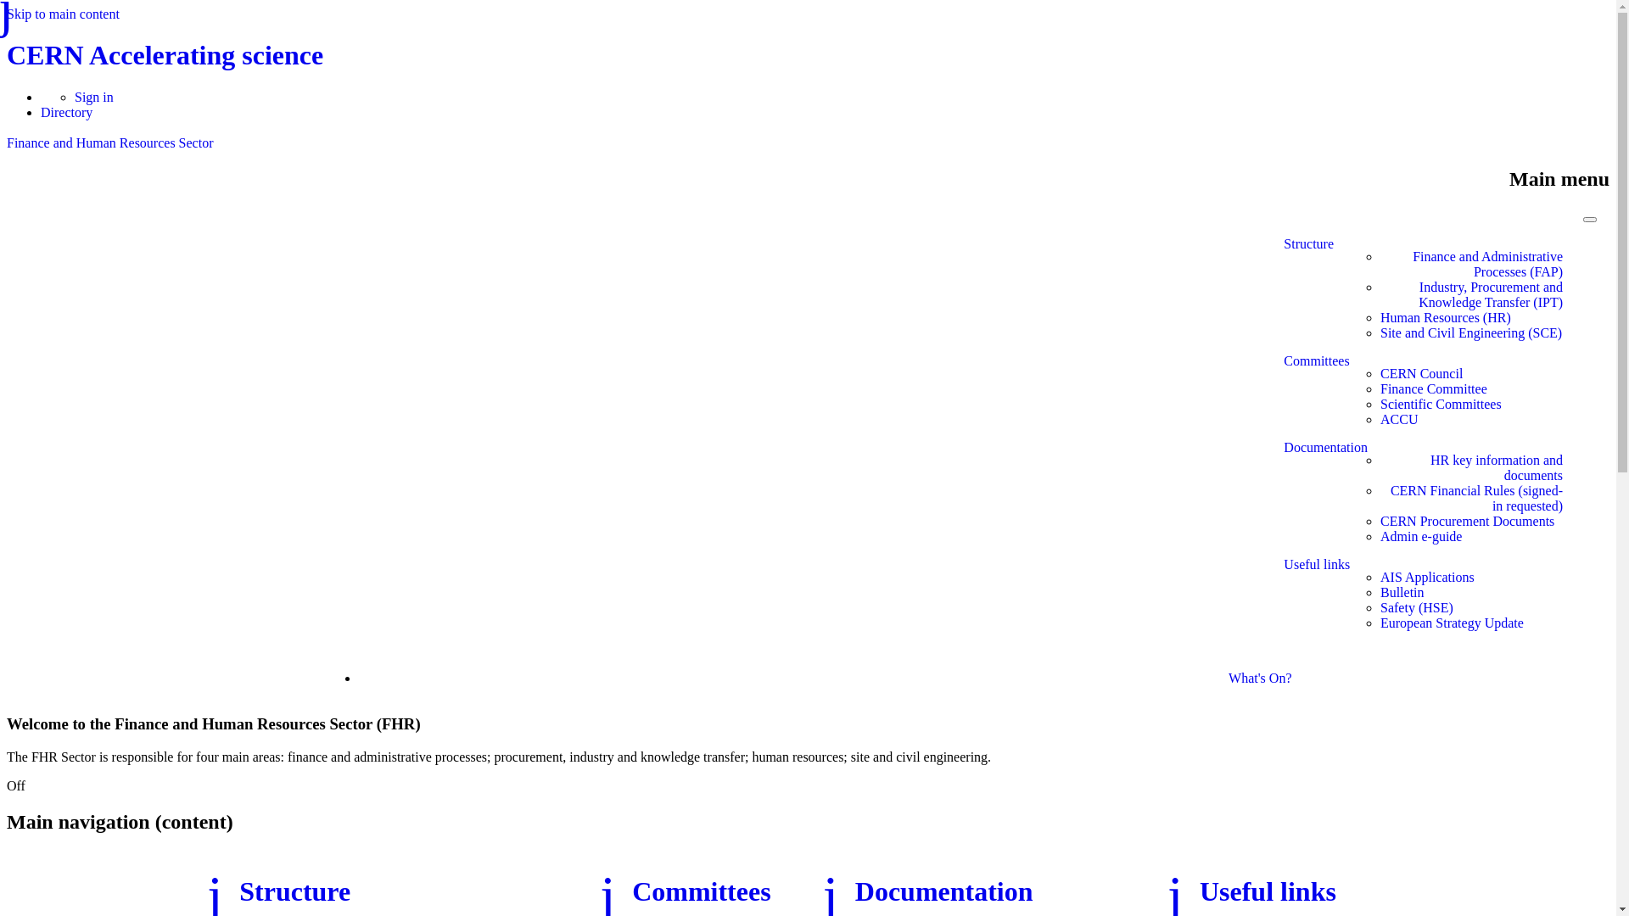 This screenshot has height=916, width=1629. Describe the element at coordinates (1315, 396) in the screenshot. I see `'Committees'` at that location.